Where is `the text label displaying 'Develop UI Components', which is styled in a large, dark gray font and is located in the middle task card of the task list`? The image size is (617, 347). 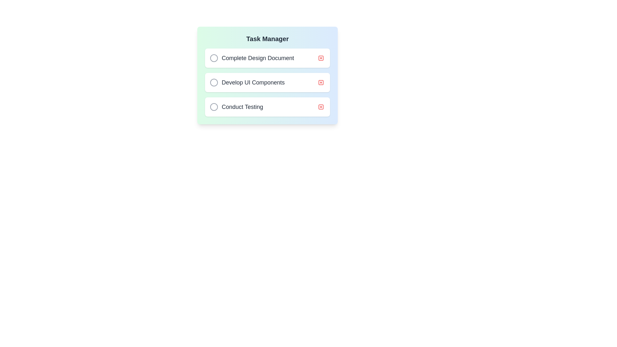 the text label displaying 'Develop UI Components', which is styled in a large, dark gray font and is located in the middle task card of the task list is located at coordinates (247, 82).